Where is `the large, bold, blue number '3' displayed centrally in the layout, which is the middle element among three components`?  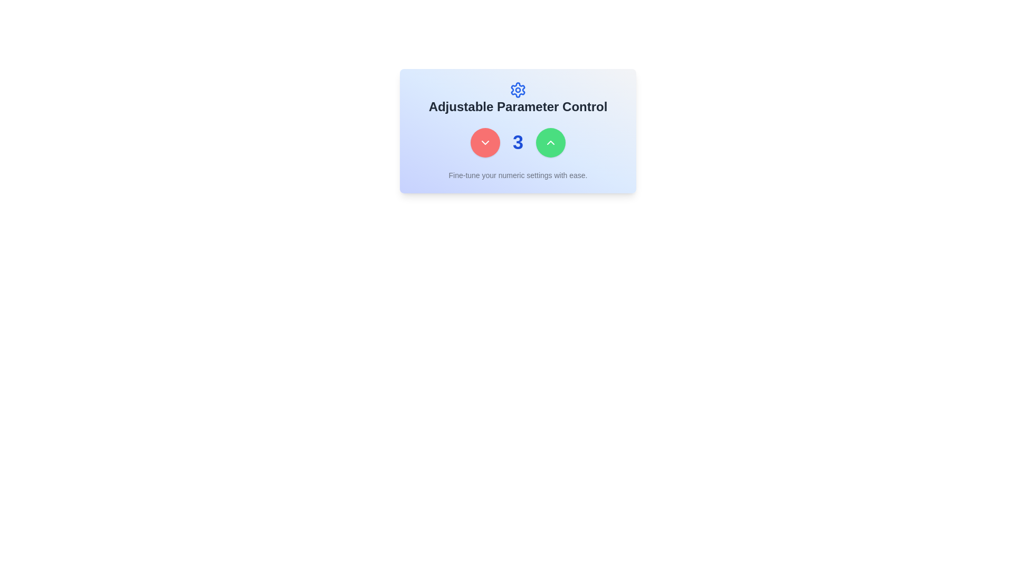 the large, bold, blue number '3' displayed centrally in the layout, which is the middle element among three components is located at coordinates (518, 142).